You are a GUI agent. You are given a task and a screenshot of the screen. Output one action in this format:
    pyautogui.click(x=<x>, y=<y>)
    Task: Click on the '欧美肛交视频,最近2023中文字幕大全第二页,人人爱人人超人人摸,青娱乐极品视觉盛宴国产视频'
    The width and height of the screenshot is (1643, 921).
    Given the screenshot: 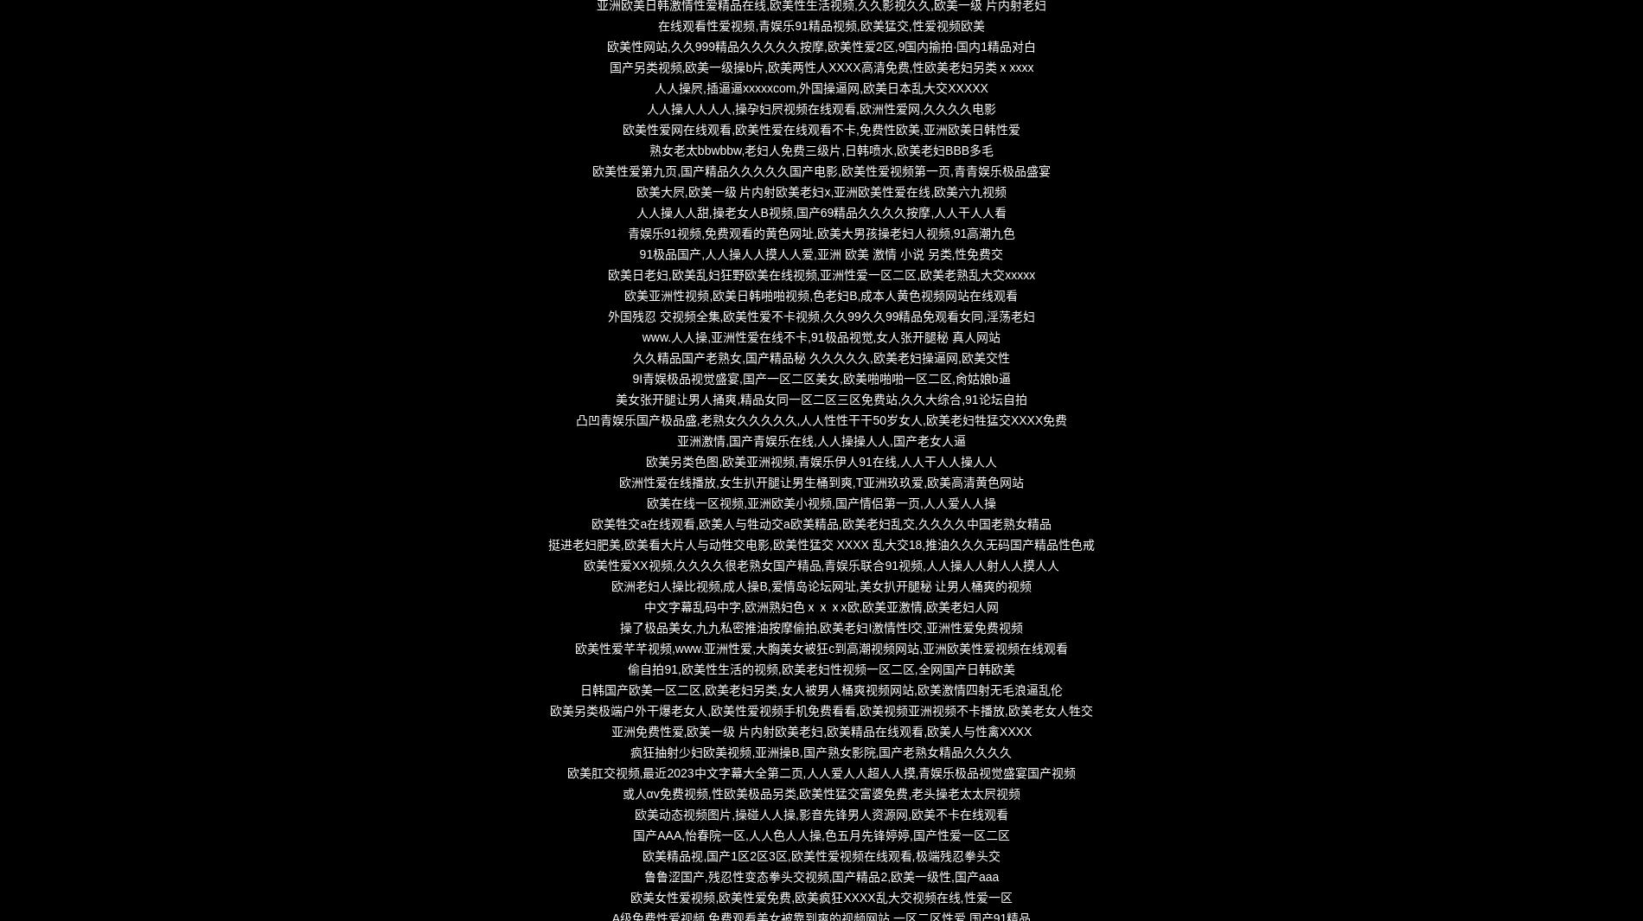 What is the action you would take?
    pyautogui.click(x=820, y=772)
    